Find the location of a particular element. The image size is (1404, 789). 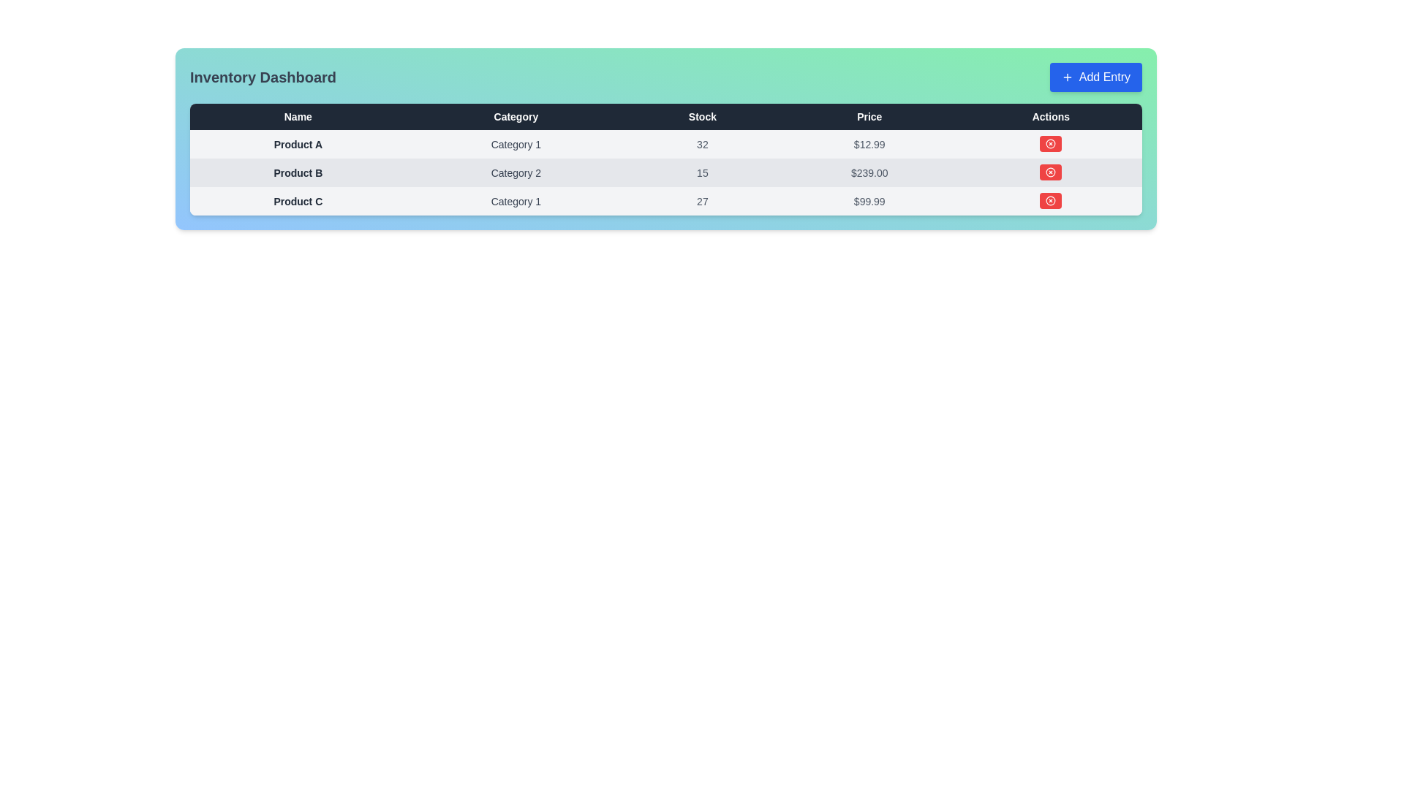

the red button with a rounded rectangular shape containing a white 'X' icon, located in the last cell of the 'Product C' row in the 'Actions' column is located at coordinates (1050, 201).